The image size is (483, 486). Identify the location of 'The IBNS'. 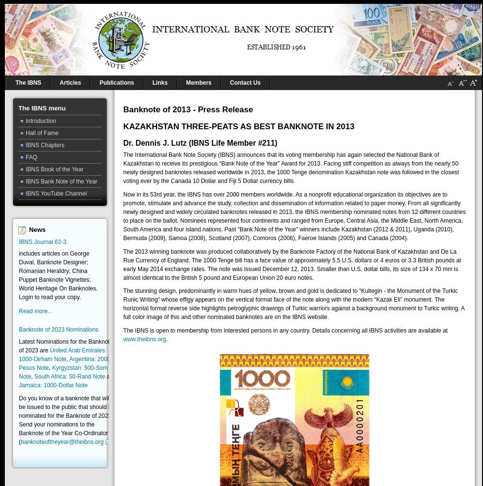
(28, 82).